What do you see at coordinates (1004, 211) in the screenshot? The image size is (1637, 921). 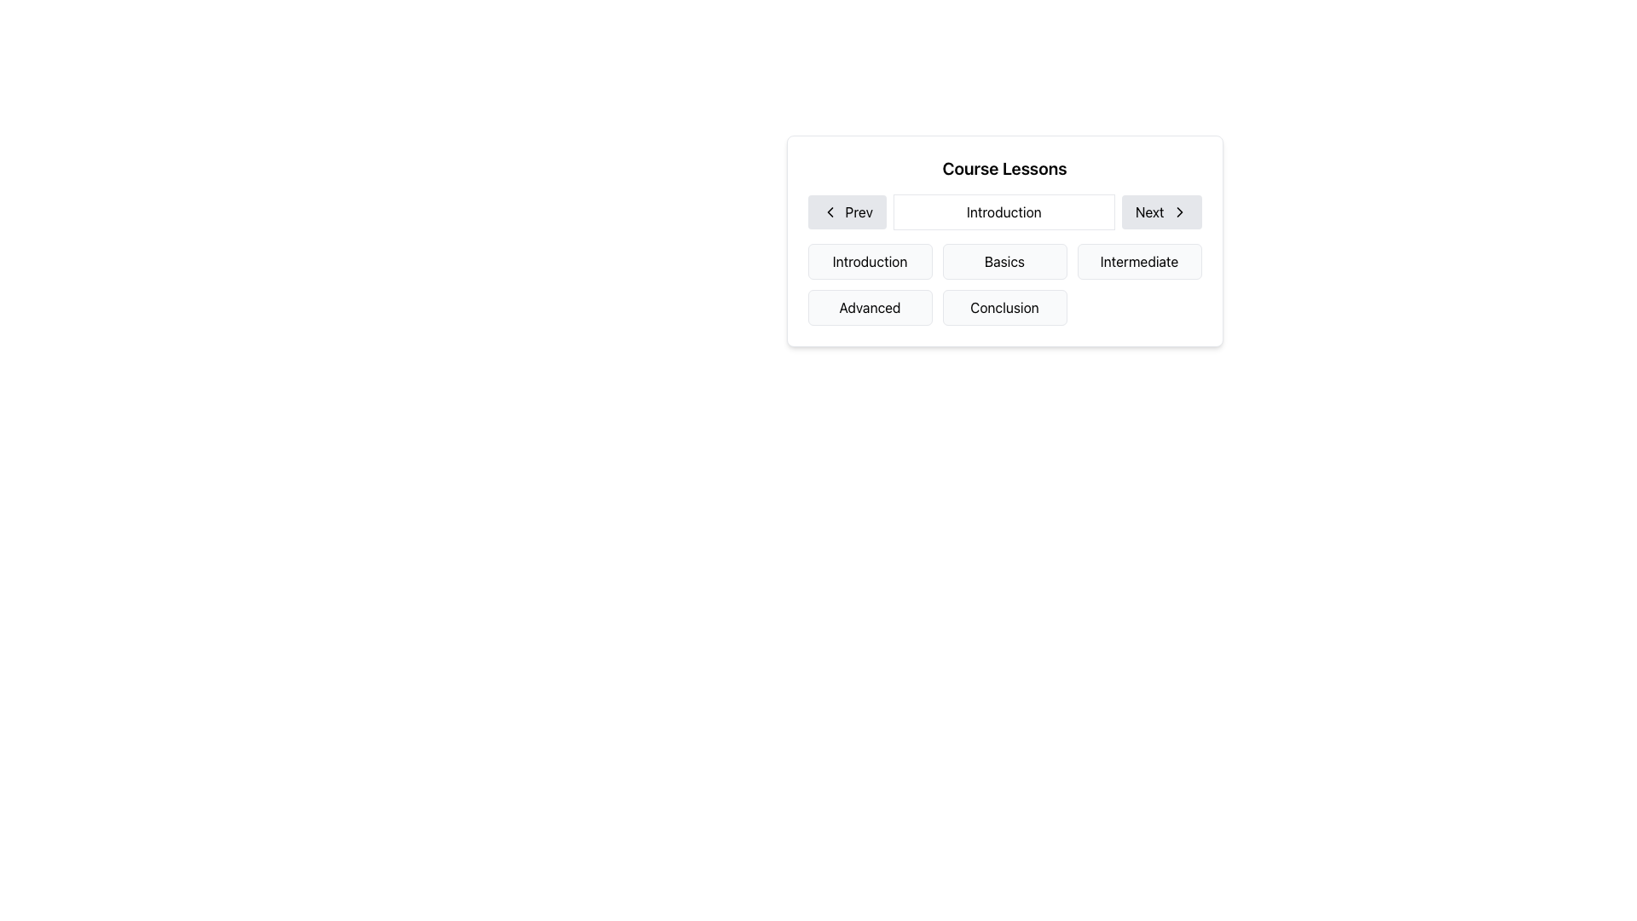 I see `the navigation component containing the 'Prev' and 'Next' buttons and the label 'Introduction'` at bounding box center [1004, 211].